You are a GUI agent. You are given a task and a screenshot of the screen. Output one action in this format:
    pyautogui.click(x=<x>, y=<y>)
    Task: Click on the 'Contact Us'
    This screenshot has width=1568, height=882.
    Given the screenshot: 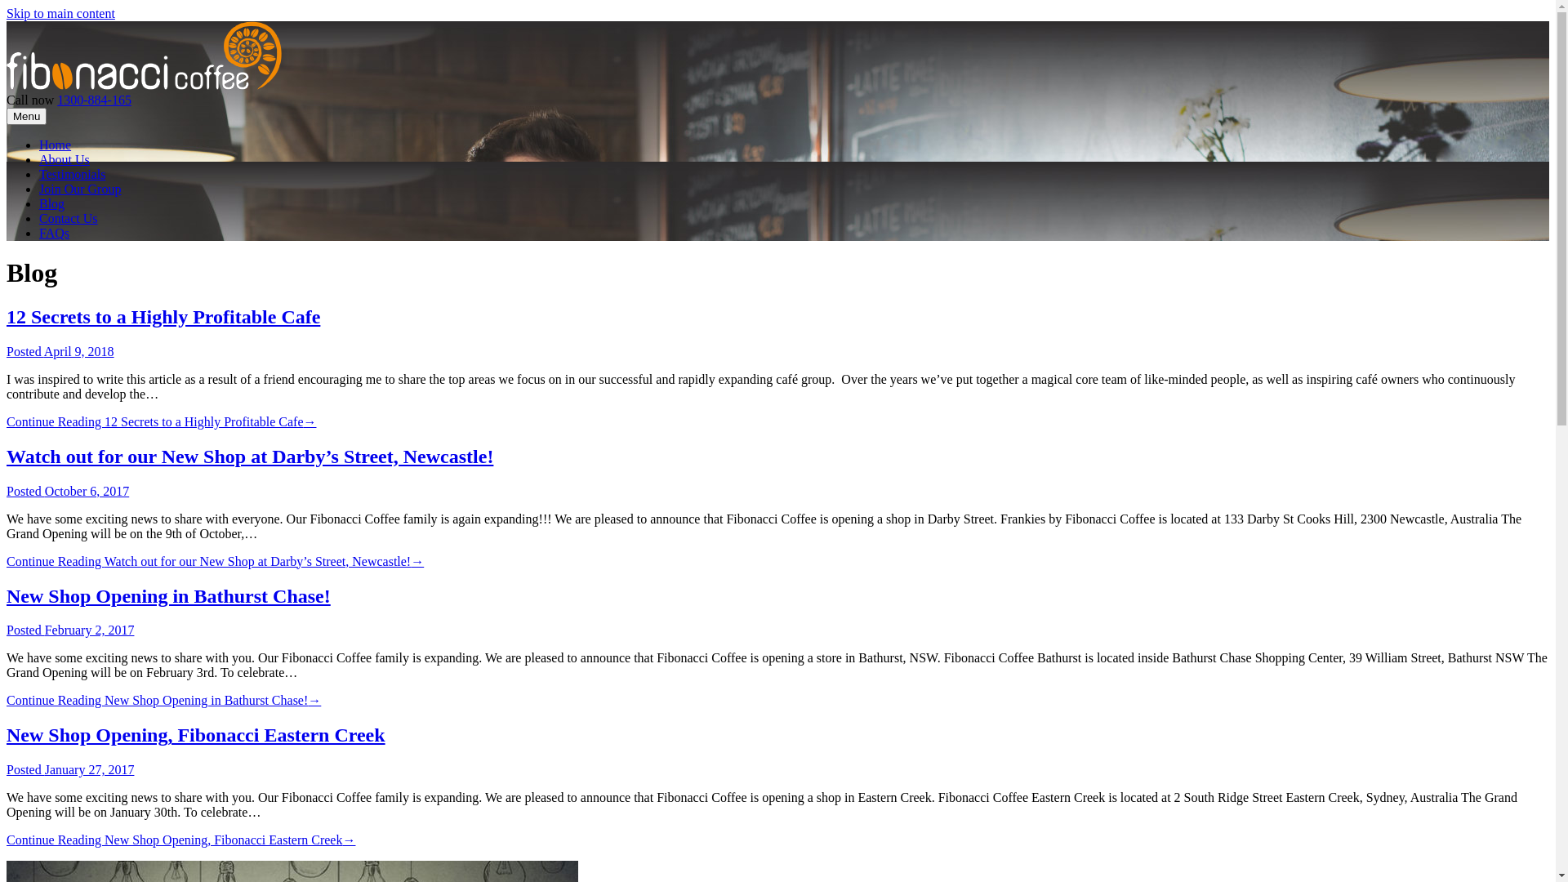 What is the action you would take?
    pyautogui.click(x=39, y=217)
    